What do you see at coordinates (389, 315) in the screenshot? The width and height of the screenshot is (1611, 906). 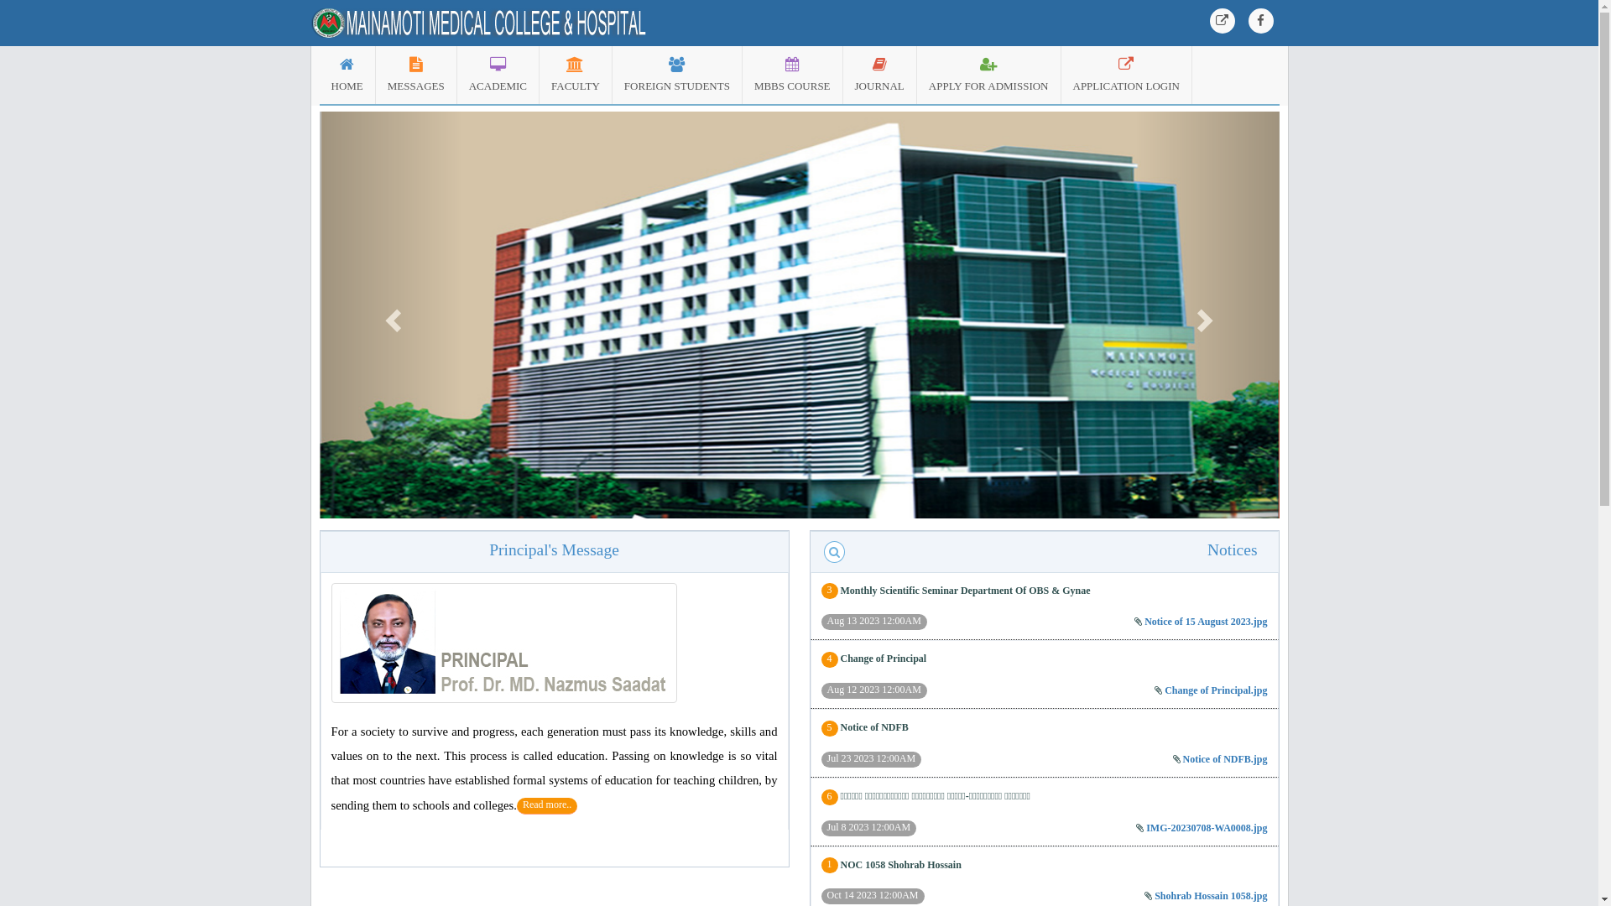 I see `'Previous'` at bounding box center [389, 315].